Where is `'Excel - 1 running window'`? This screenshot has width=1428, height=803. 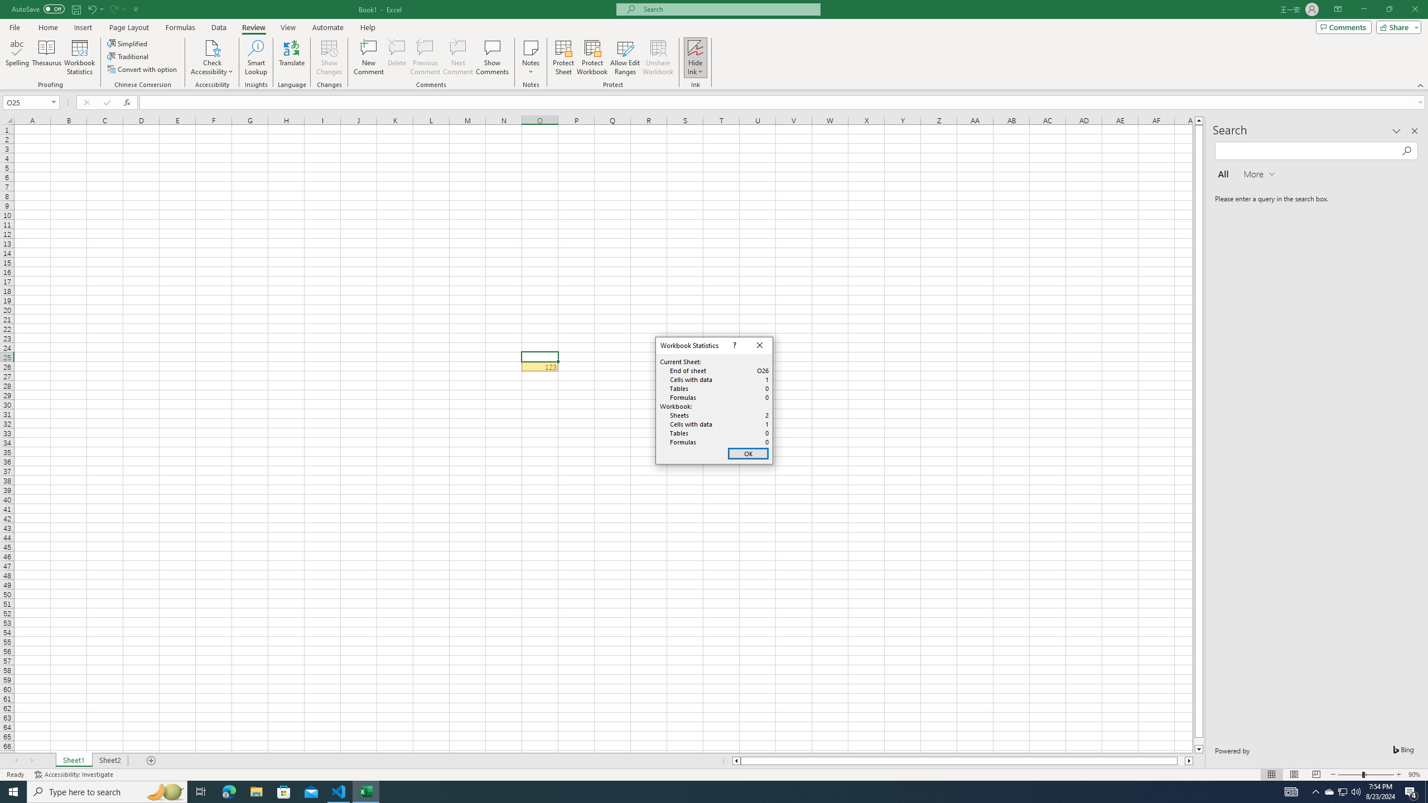 'Excel - 1 running window' is located at coordinates (366, 791).